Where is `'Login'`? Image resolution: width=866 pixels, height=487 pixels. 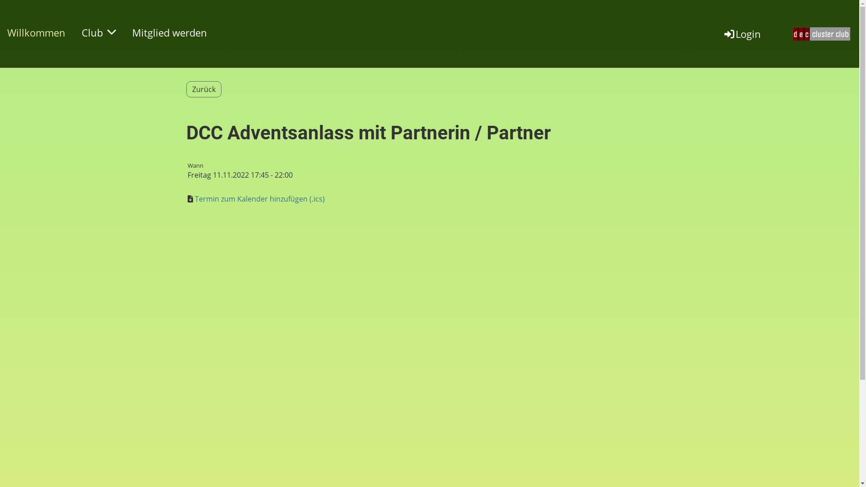 'Login' is located at coordinates (742, 33).